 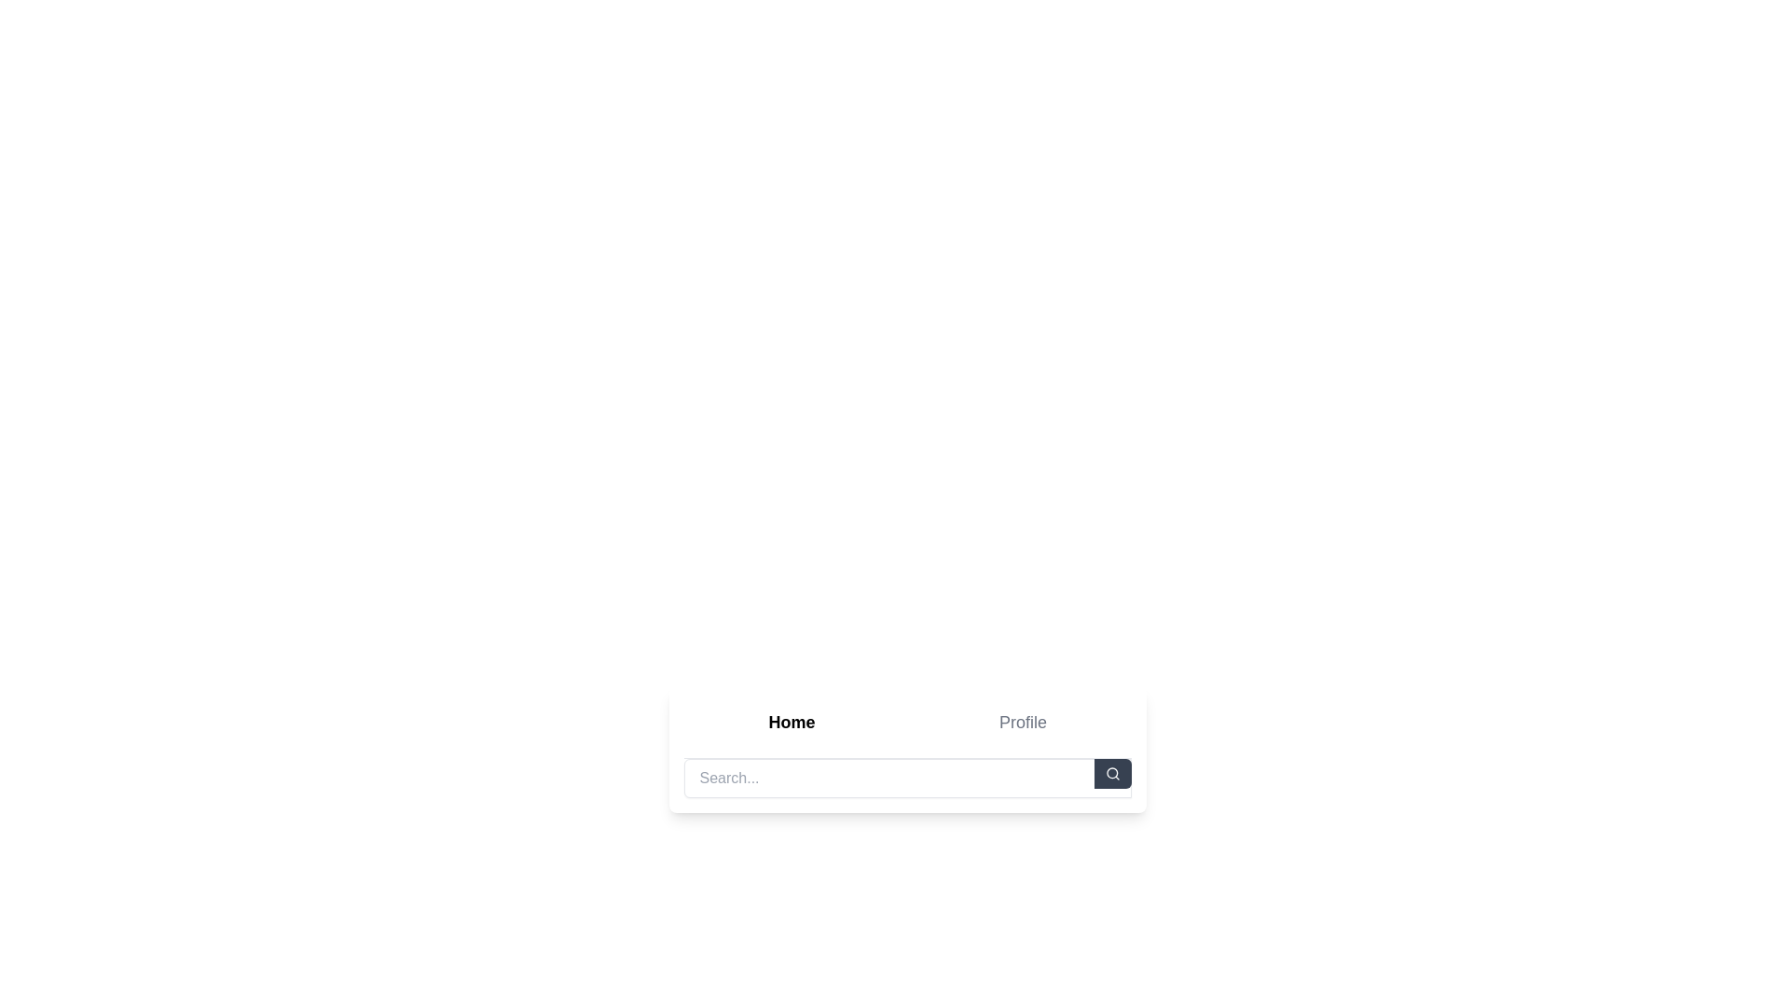 I want to click on the navigation button that directs users to the home page, located to the left of the 'Profile' option in the navigation bar, so click(x=792, y=722).